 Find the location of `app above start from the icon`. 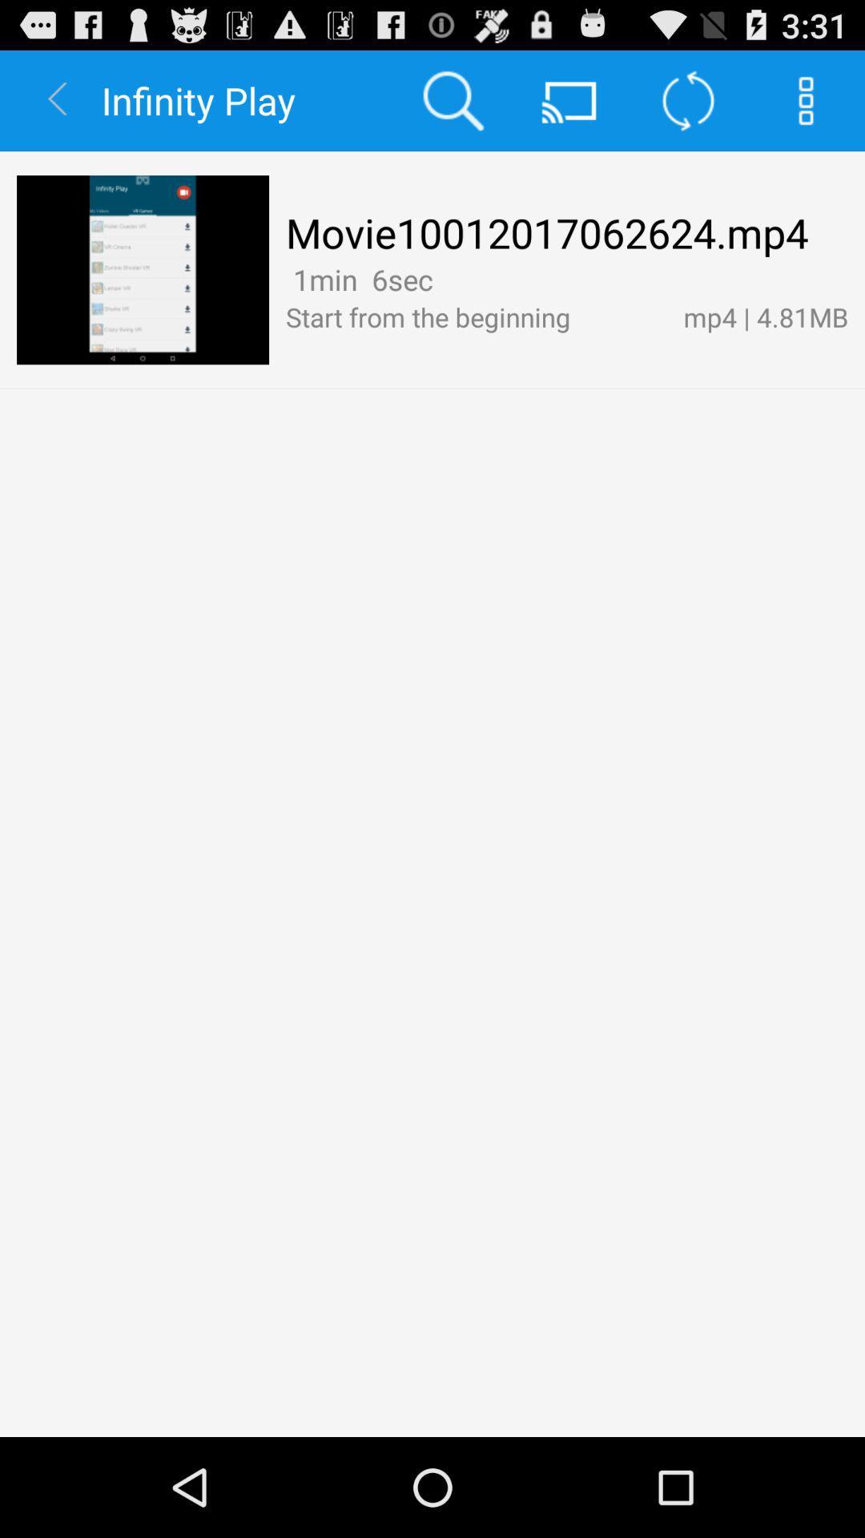

app above start from the icon is located at coordinates (358, 280).